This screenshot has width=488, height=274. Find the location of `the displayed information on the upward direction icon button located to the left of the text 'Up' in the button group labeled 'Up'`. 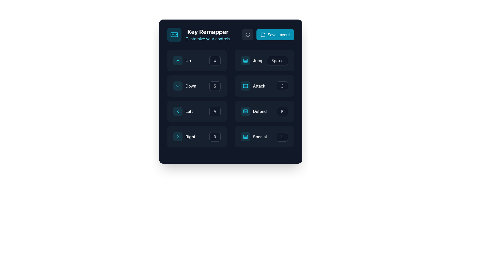

the displayed information on the upward direction icon button located to the left of the text 'Up' in the button group labeled 'Up' is located at coordinates (178, 60).